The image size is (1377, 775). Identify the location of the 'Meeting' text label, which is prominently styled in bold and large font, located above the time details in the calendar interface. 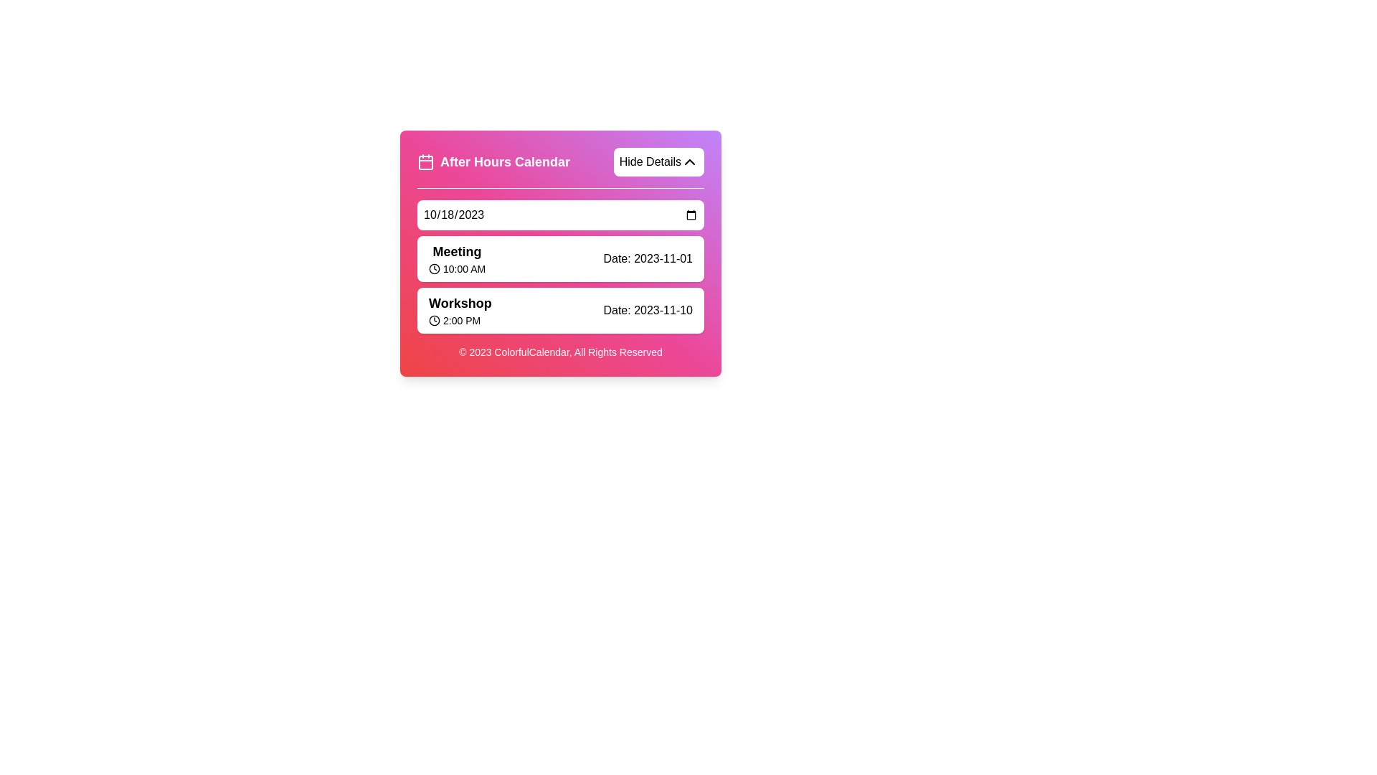
(456, 251).